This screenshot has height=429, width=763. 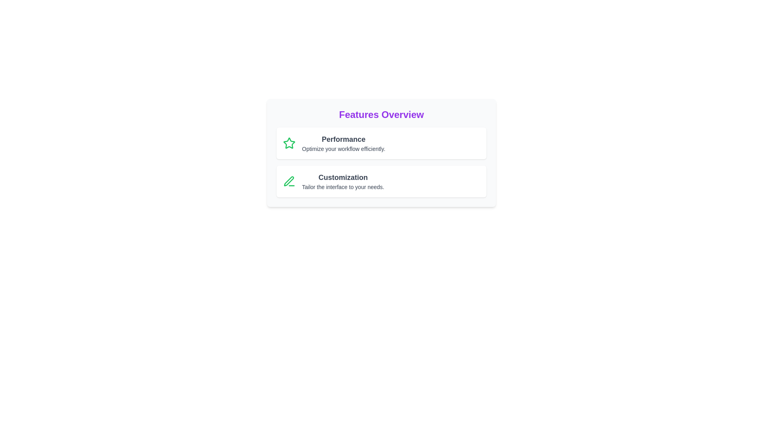 What do you see at coordinates (343, 139) in the screenshot?
I see `the 'Performance' header text` at bounding box center [343, 139].